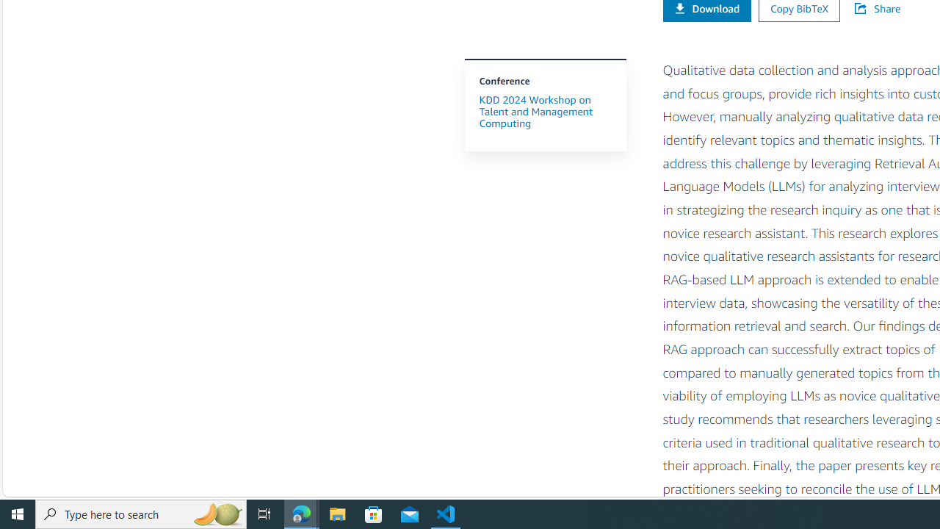 The image size is (940, 529). Describe the element at coordinates (544, 110) in the screenshot. I see `'KDD 2024 Workshop on Talent and Management Computing'` at that location.